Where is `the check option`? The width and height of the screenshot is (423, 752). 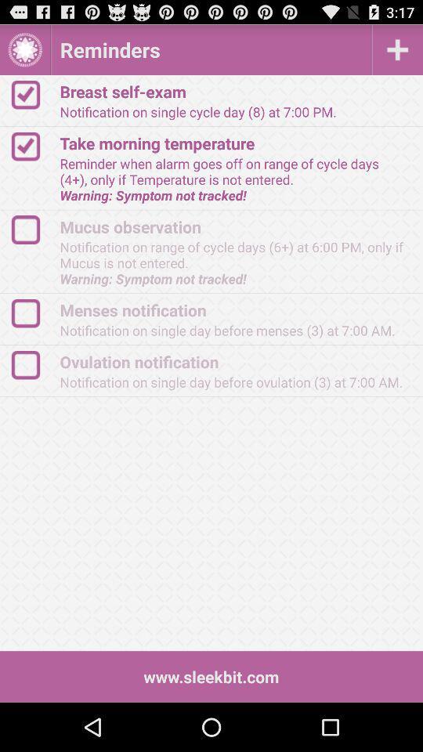 the check option is located at coordinates (33, 146).